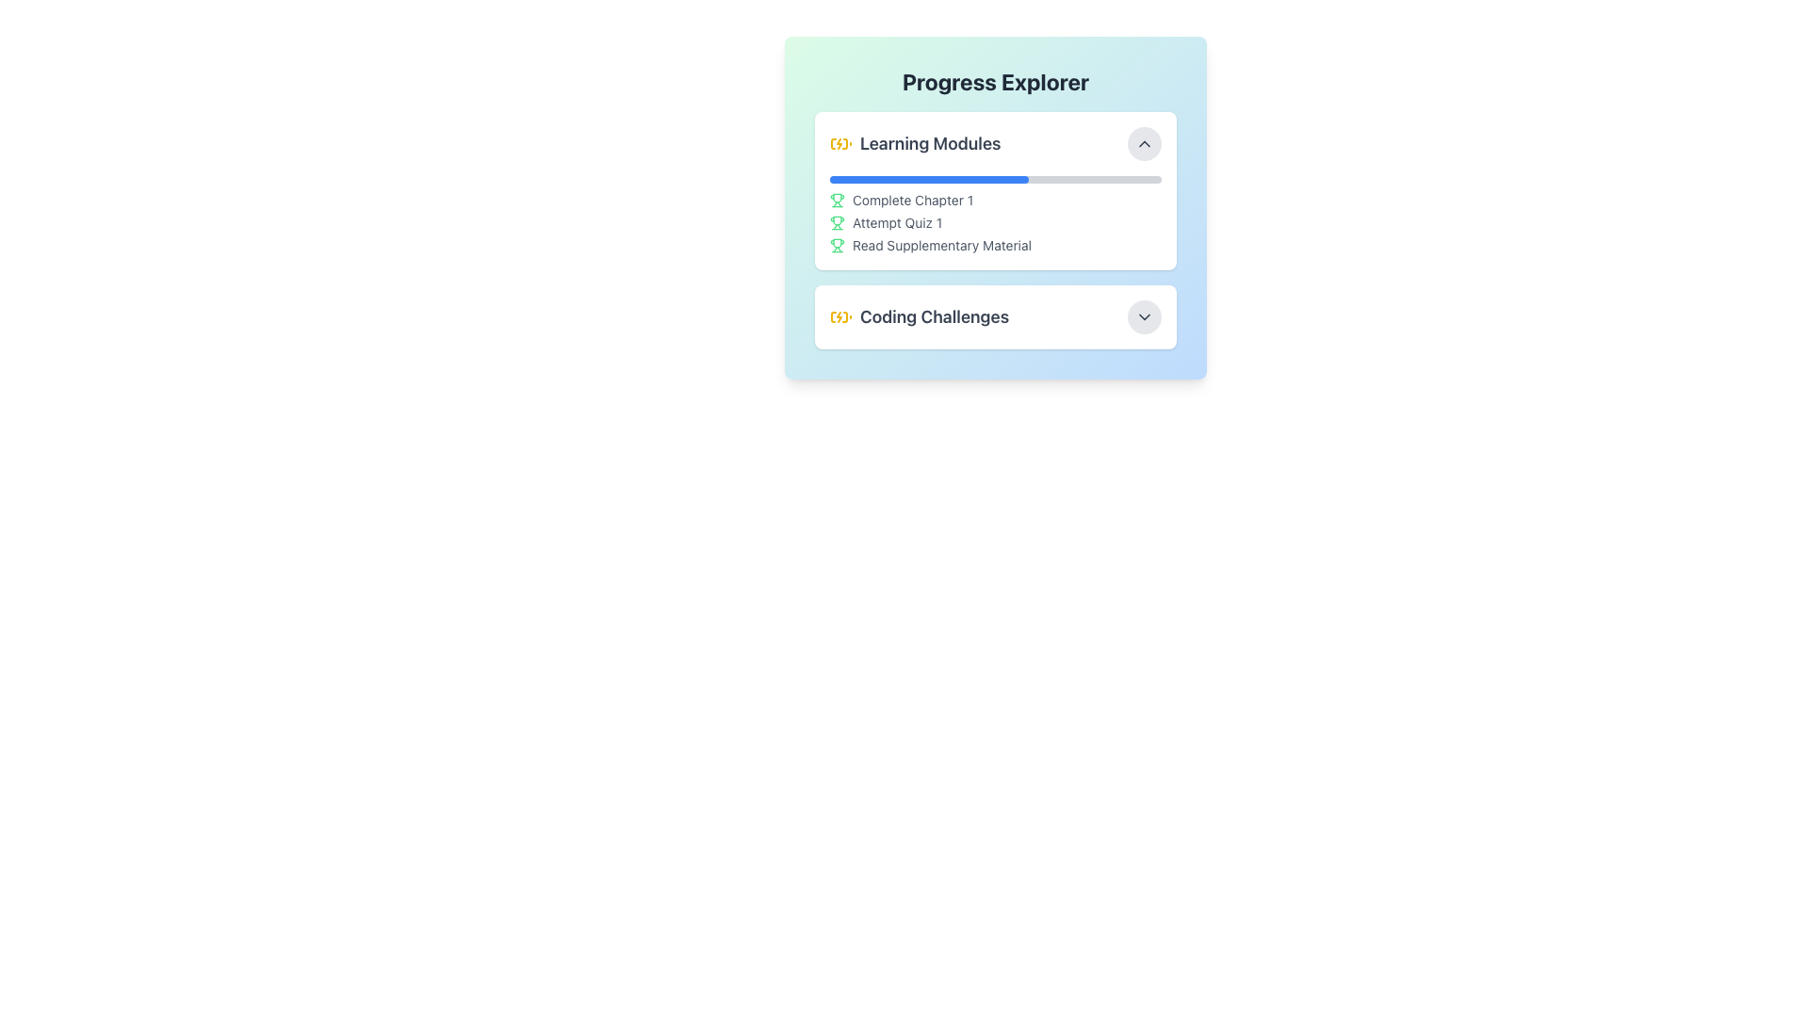 The height and width of the screenshot is (1017, 1809). What do you see at coordinates (1143, 143) in the screenshot?
I see `the upward-facing chevron arrow icon located inside the circular button at the top-right of the 'Learning Modules' section header` at bounding box center [1143, 143].